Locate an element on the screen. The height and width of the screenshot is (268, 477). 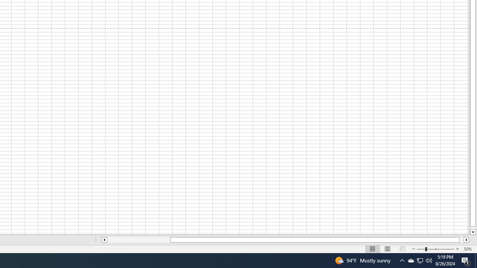
'Column left' is located at coordinates (104, 240).